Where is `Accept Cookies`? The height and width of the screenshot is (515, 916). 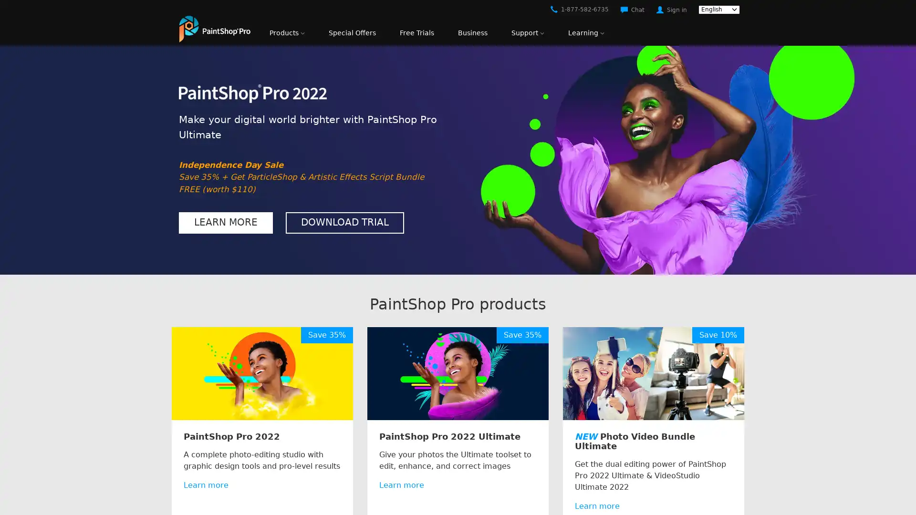 Accept Cookies is located at coordinates (771, 487).